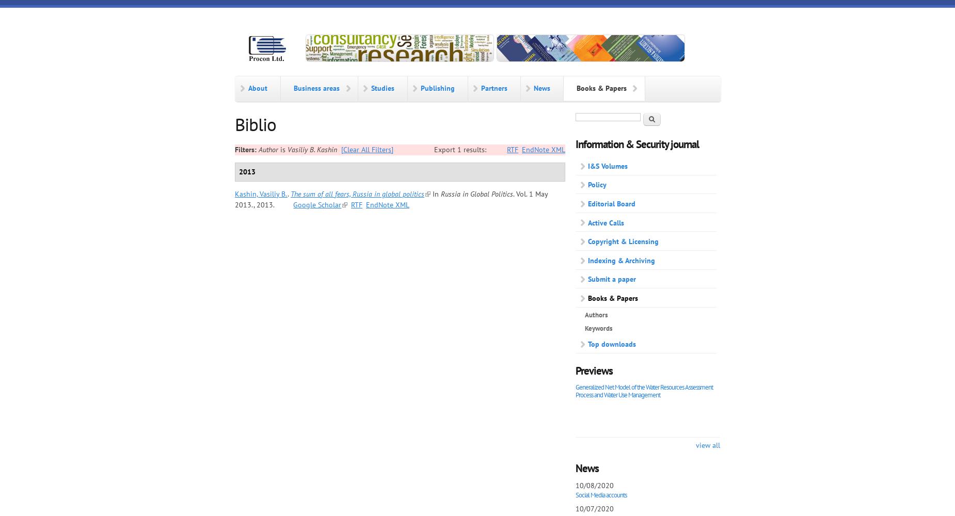  Describe the element at coordinates (611, 204) in the screenshot. I see `'Editorial Board'` at that location.